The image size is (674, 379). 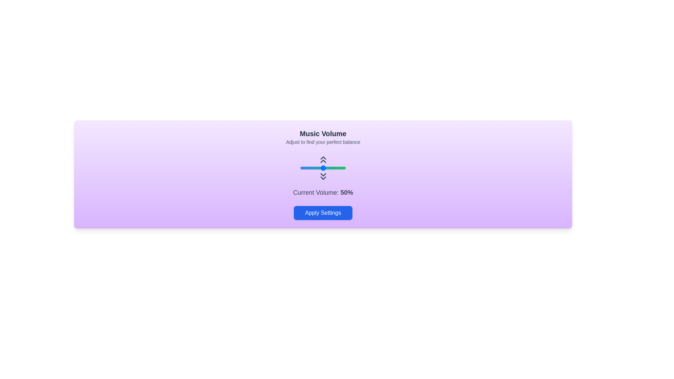 What do you see at coordinates (323, 160) in the screenshot?
I see `up arrow button to increase the volume` at bounding box center [323, 160].